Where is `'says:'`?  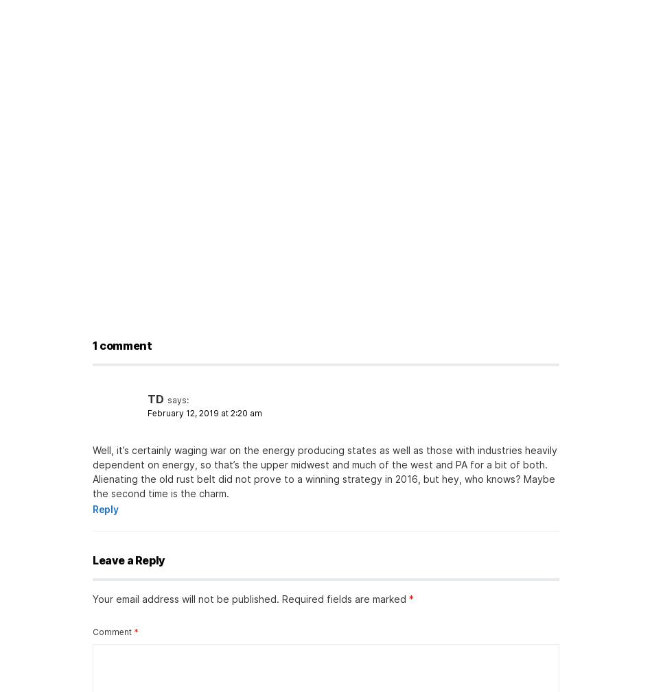 'says:' is located at coordinates (177, 400).